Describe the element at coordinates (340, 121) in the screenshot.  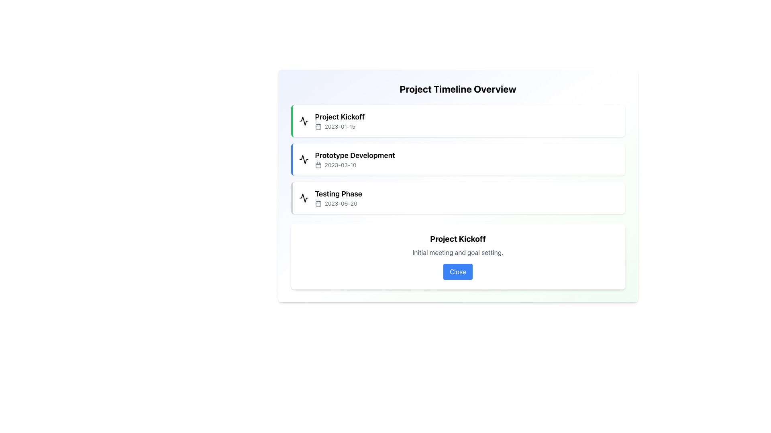
I see `the Timeline Item labeled 'Project Kickoff' that indicates a milestone or event in the timeline, located in the upper-left quadrant of the interface` at that location.